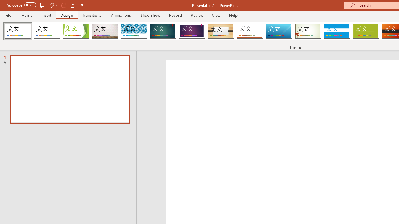 This screenshot has height=224, width=399. I want to click on 'Wisp Loading Preview...', so click(308, 31).